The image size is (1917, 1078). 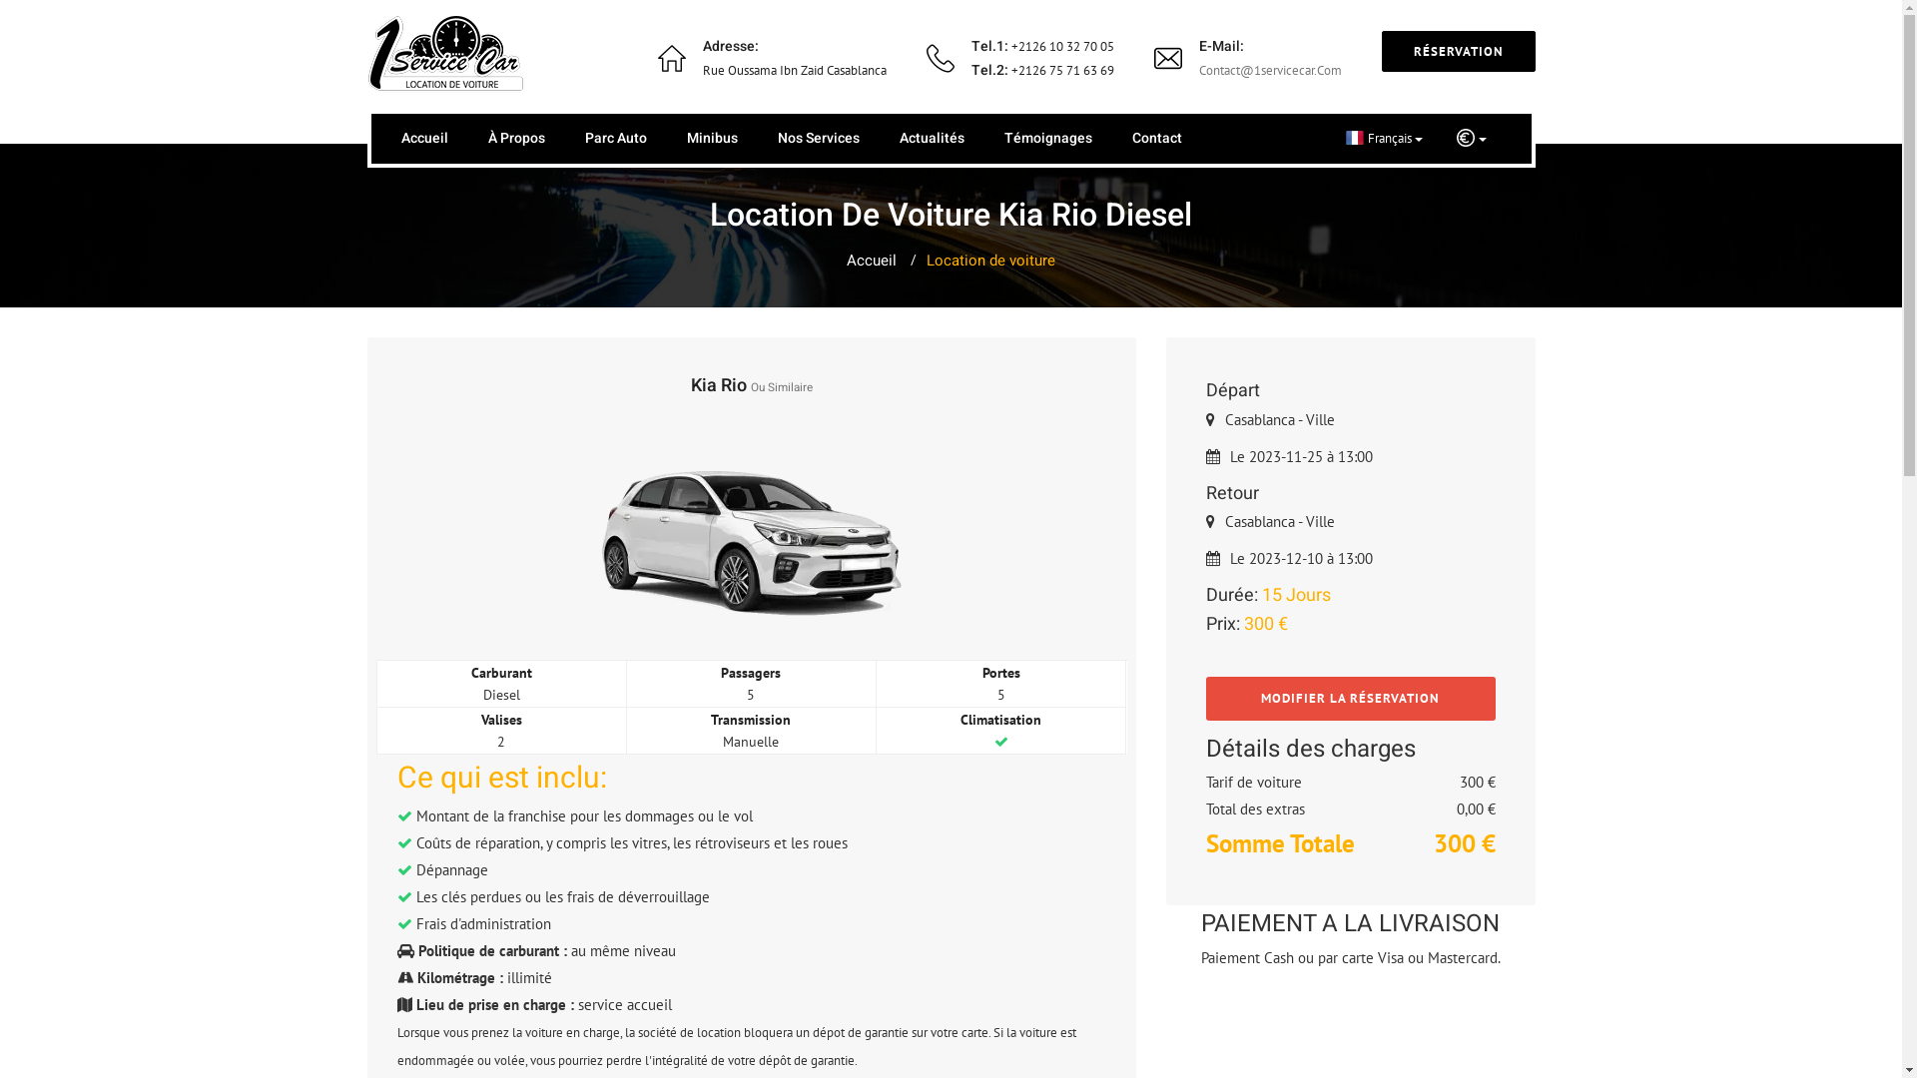 What do you see at coordinates (1131, 137) in the screenshot?
I see `'Contact'` at bounding box center [1131, 137].